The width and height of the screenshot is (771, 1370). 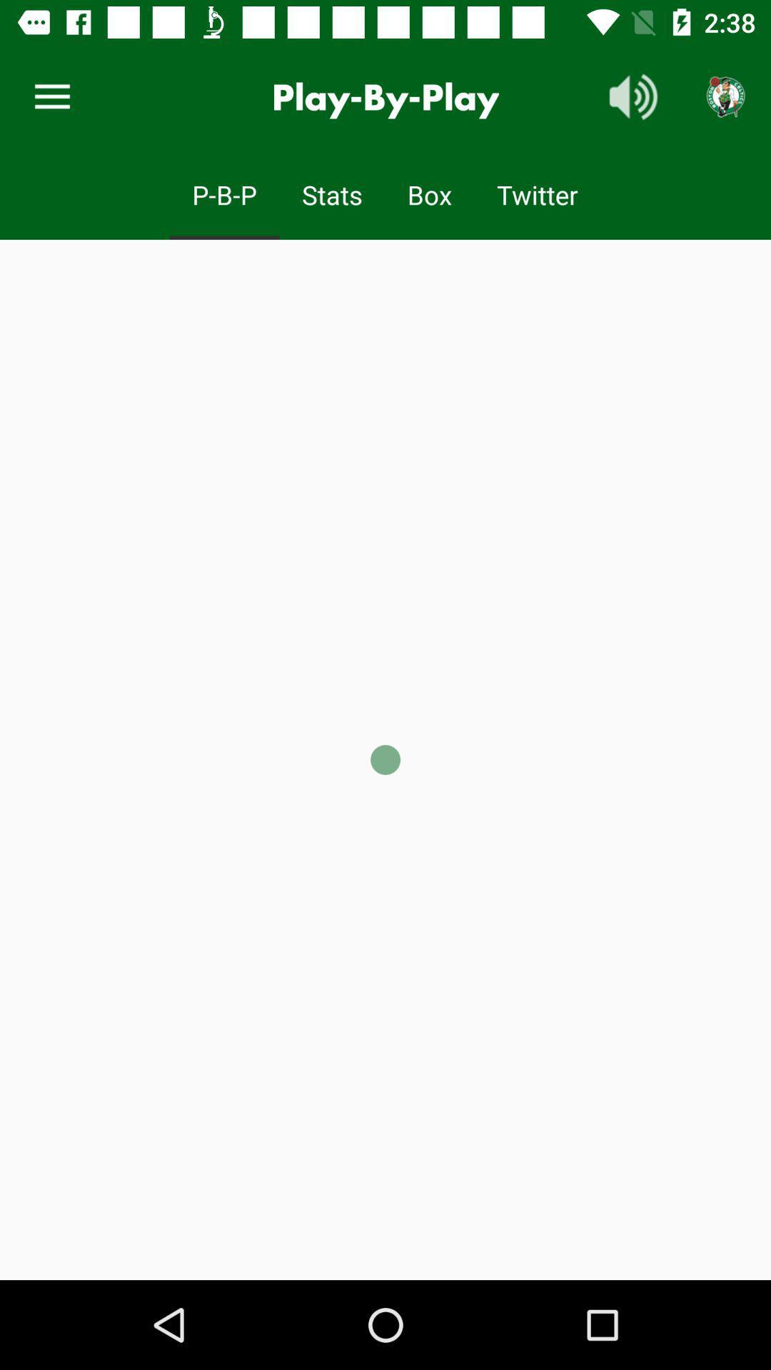 I want to click on the item next to the play-by-play, so click(x=633, y=96).